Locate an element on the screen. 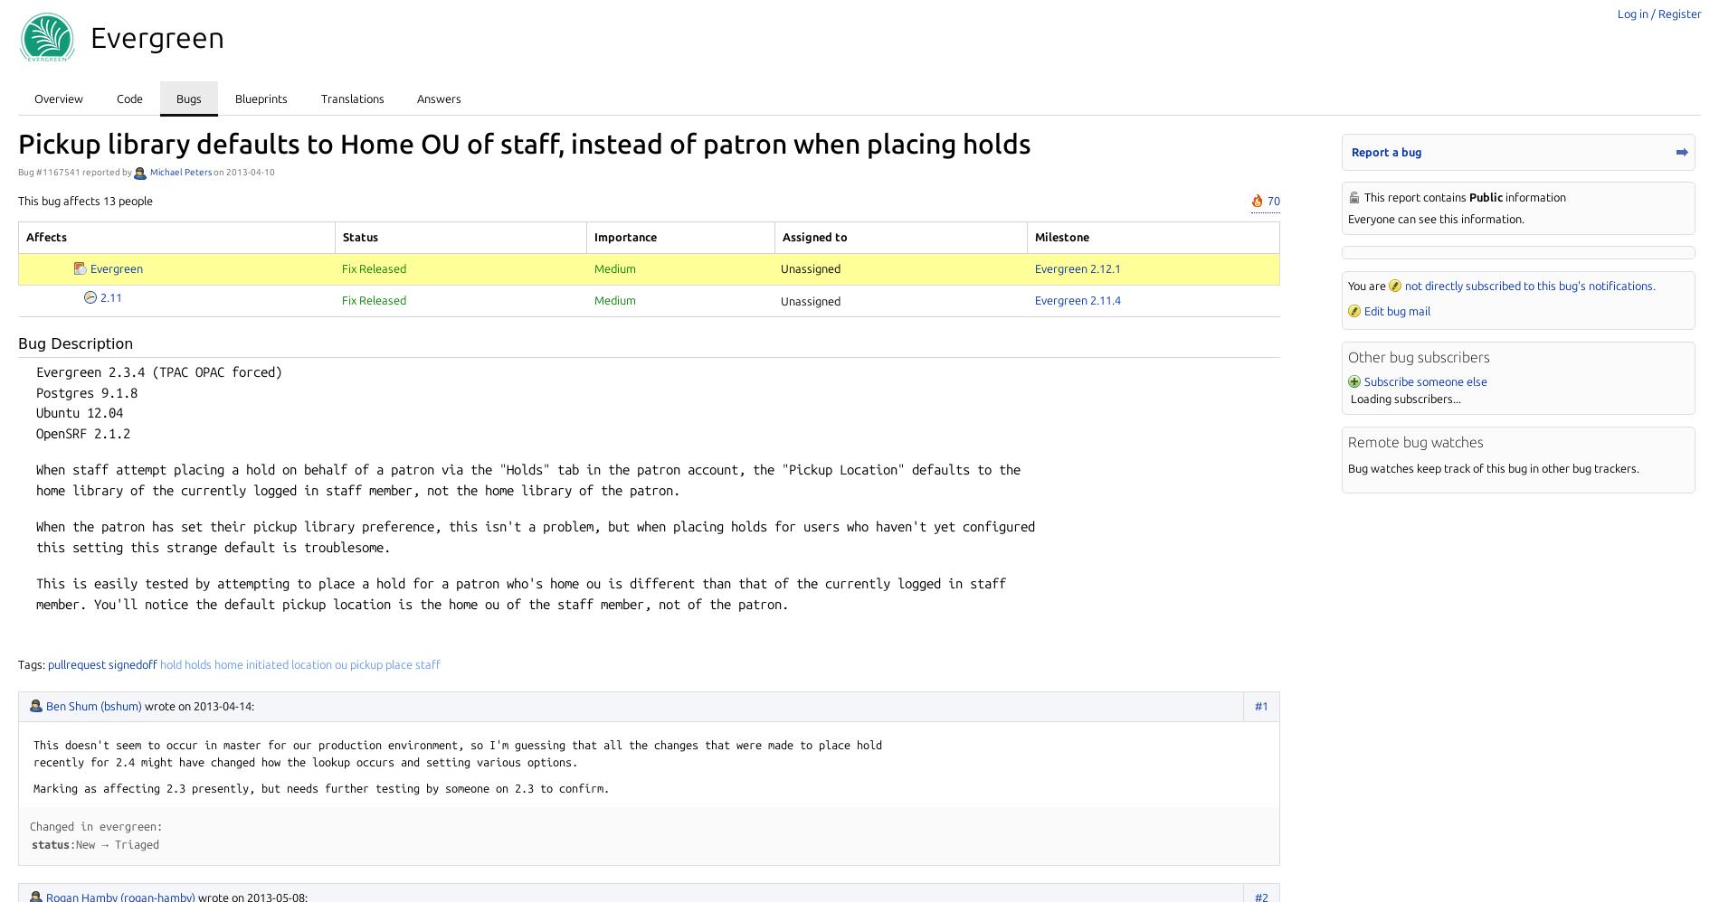 This screenshot has width=1719, height=902. 'Remote bug watches' is located at coordinates (1416, 441).